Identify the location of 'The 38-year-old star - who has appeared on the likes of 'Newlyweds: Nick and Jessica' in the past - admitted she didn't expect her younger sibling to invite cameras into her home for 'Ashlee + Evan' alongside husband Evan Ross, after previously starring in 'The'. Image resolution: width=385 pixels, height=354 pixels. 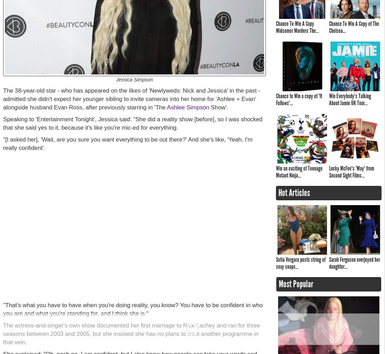
(3, 99).